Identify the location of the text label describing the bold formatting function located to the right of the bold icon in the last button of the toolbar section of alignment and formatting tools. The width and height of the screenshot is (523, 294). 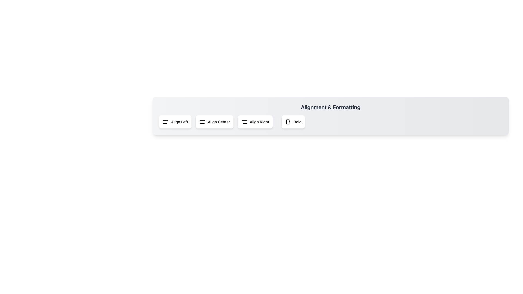
(297, 121).